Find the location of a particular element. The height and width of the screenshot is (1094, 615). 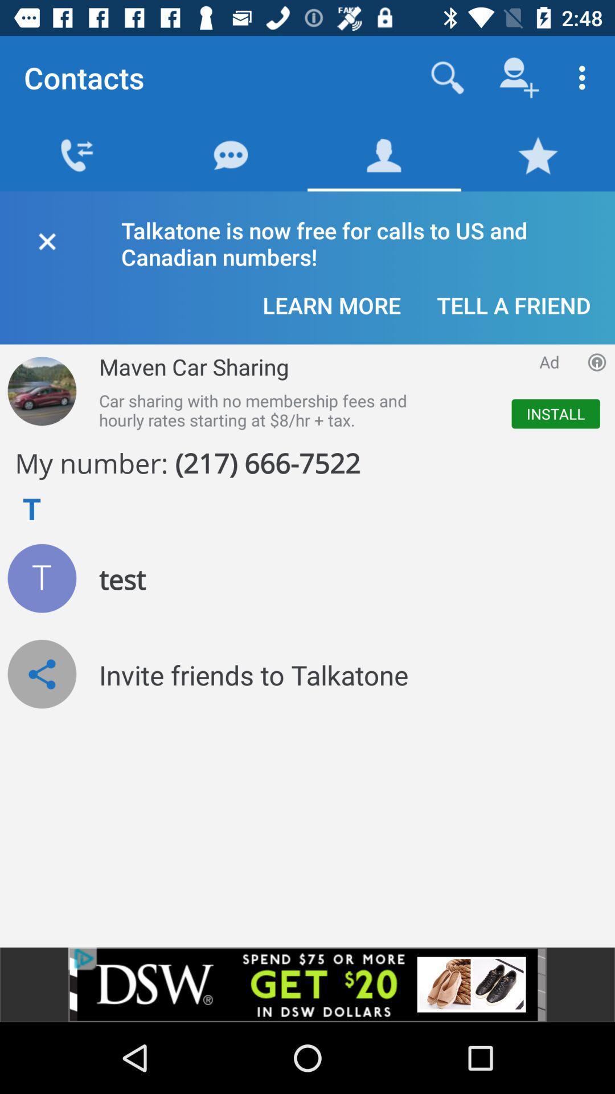

open more information for advertisement is located at coordinates (596, 361).